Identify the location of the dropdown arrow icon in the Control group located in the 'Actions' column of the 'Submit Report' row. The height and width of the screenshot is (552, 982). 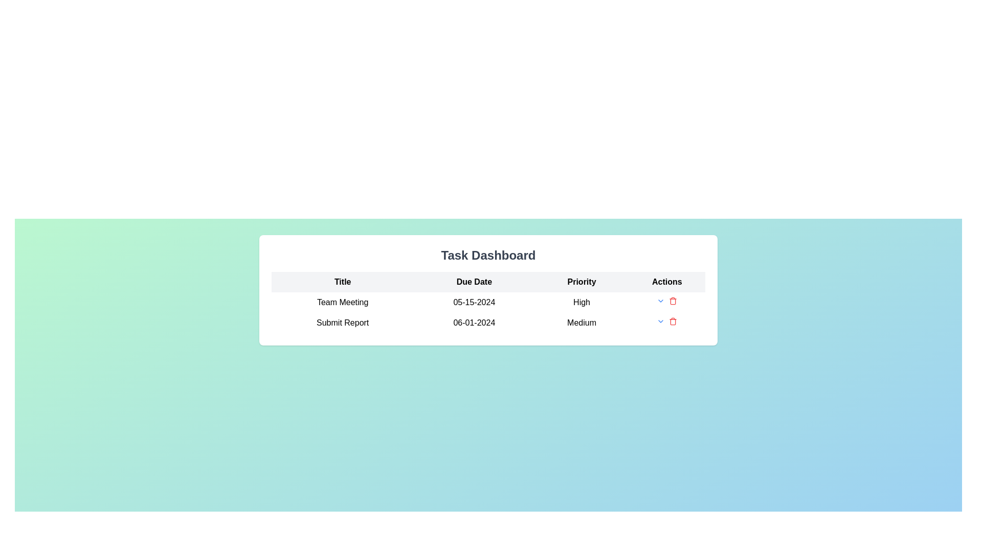
(667, 323).